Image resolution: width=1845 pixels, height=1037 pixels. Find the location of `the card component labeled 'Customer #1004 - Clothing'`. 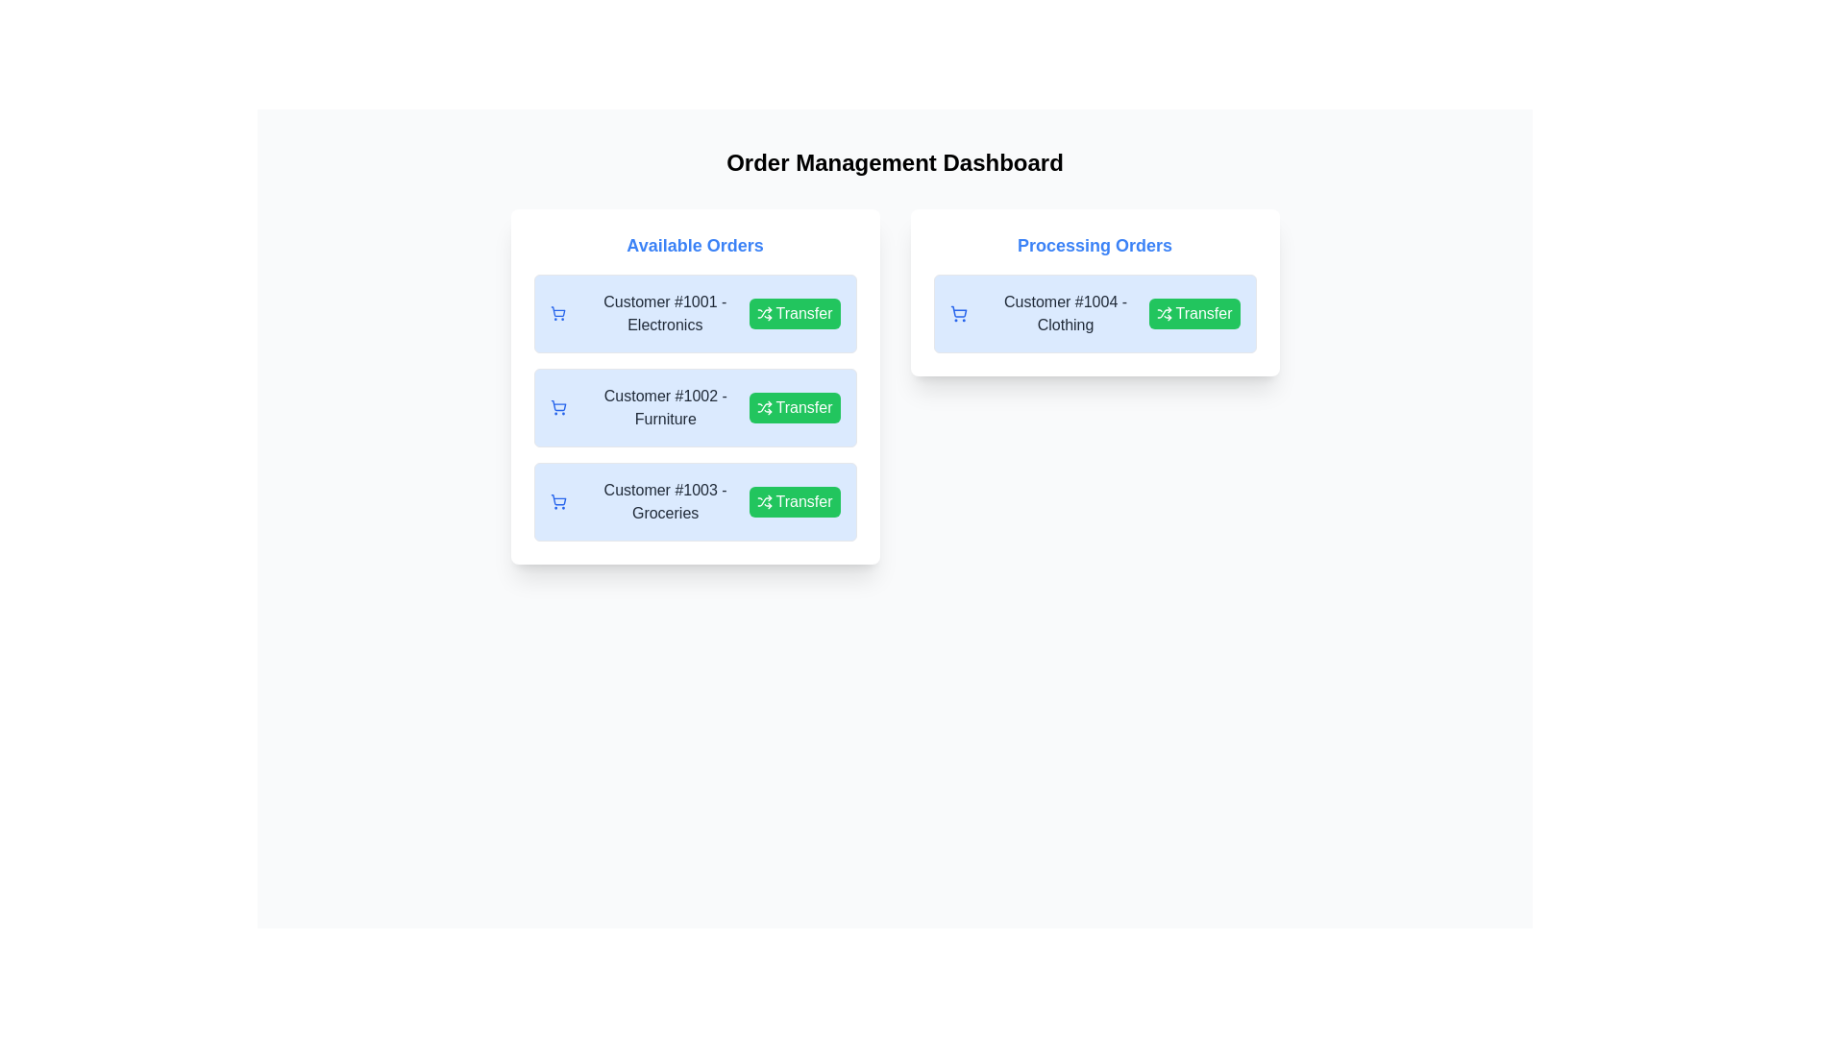

the card component labeled 'Customer #1004 - Clothing' is located at coordinates (1095, 313).